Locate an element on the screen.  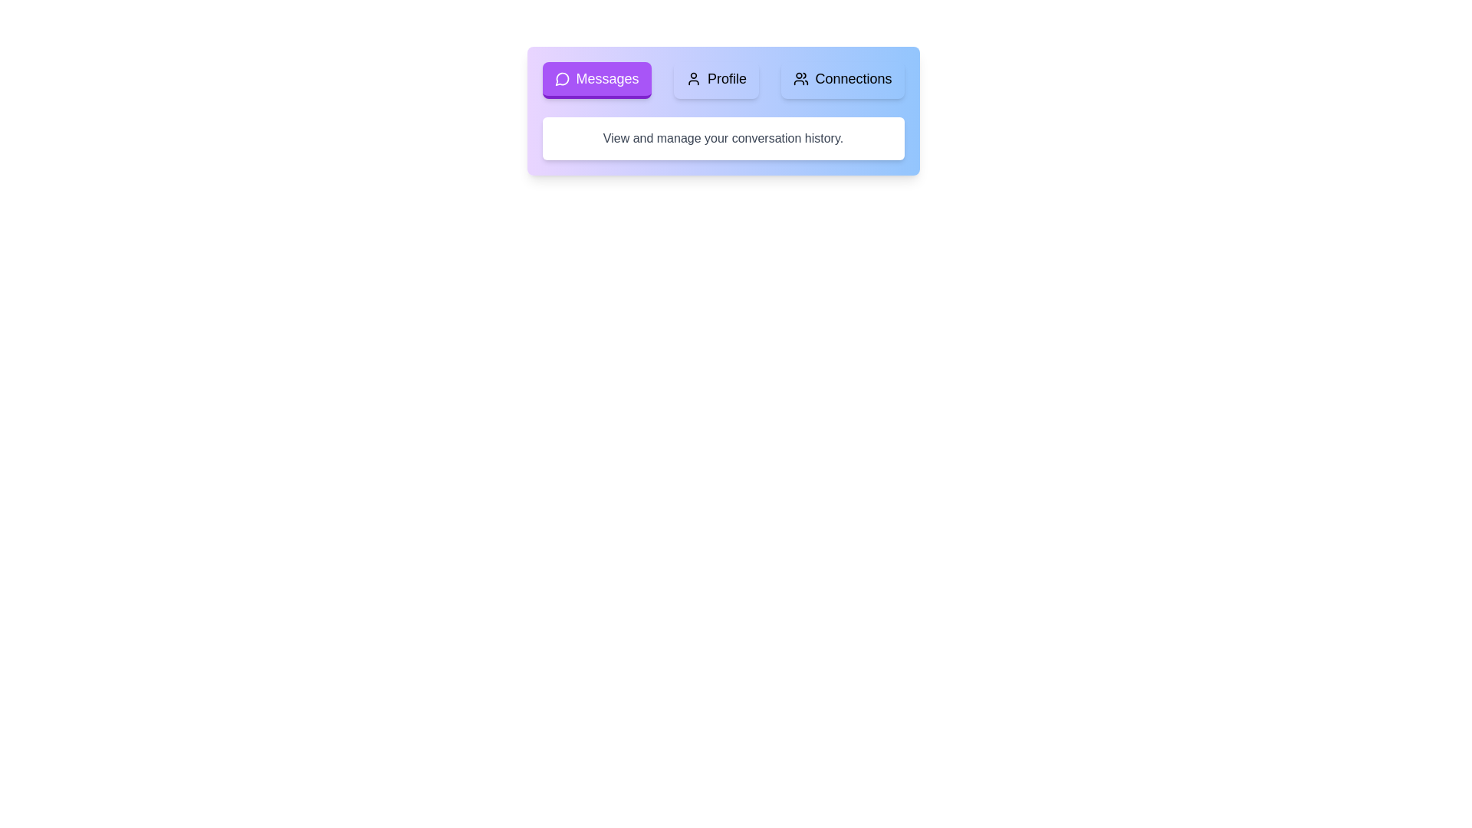
the navigation bar buttons is located at coordinates (722, 80).